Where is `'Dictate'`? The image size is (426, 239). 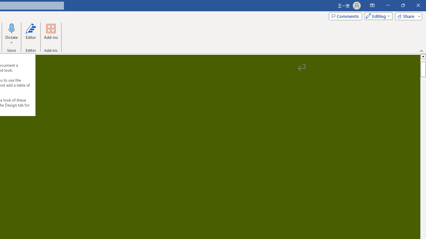 'Dictate' is located at coordinates (12, 34).